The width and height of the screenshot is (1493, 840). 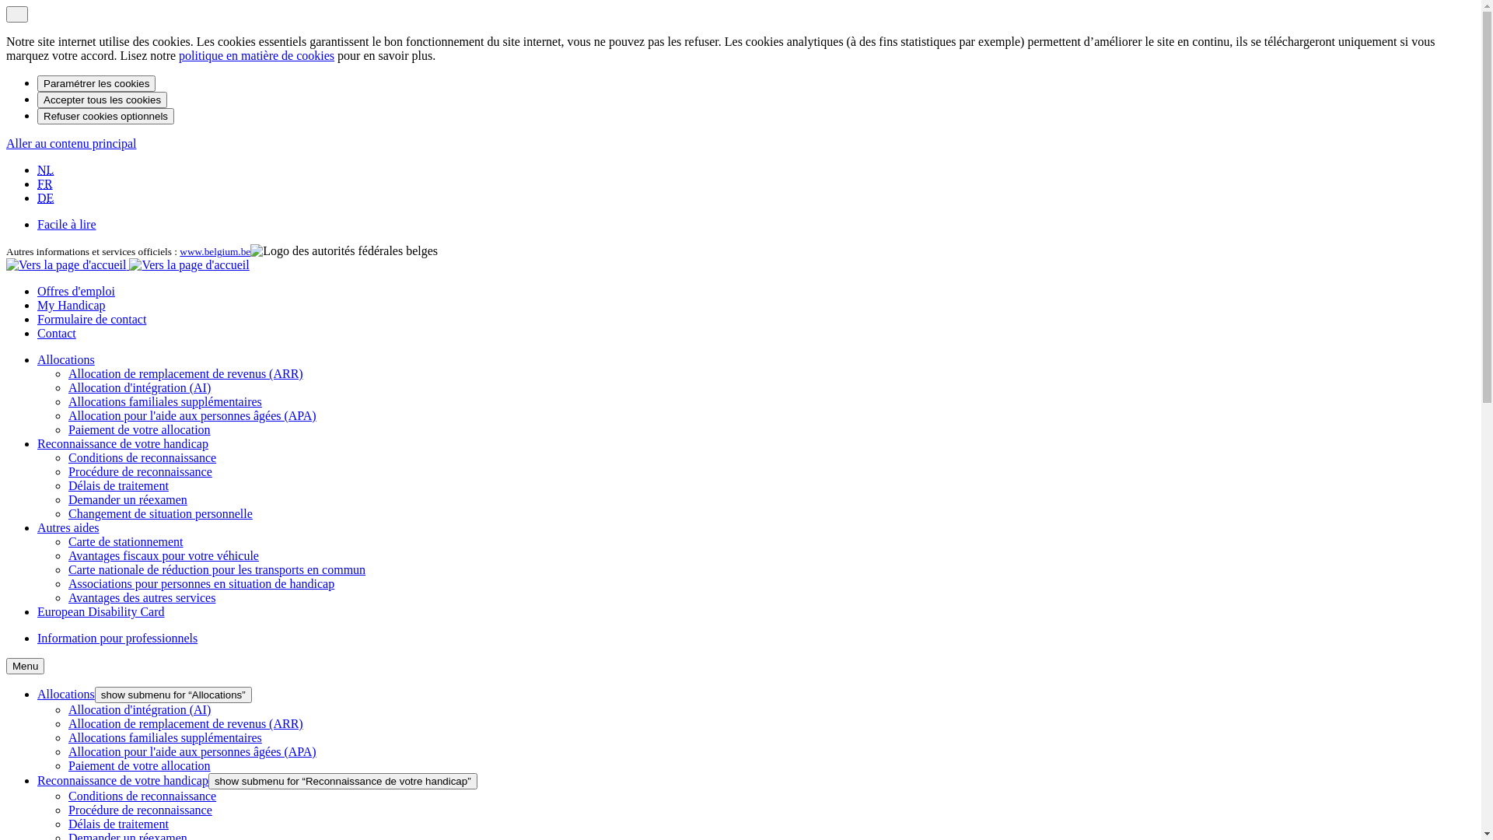 What do you see at coordinates (45, 197) in the screenshot?
I see `'DE'` at bounding box center [45, 197].